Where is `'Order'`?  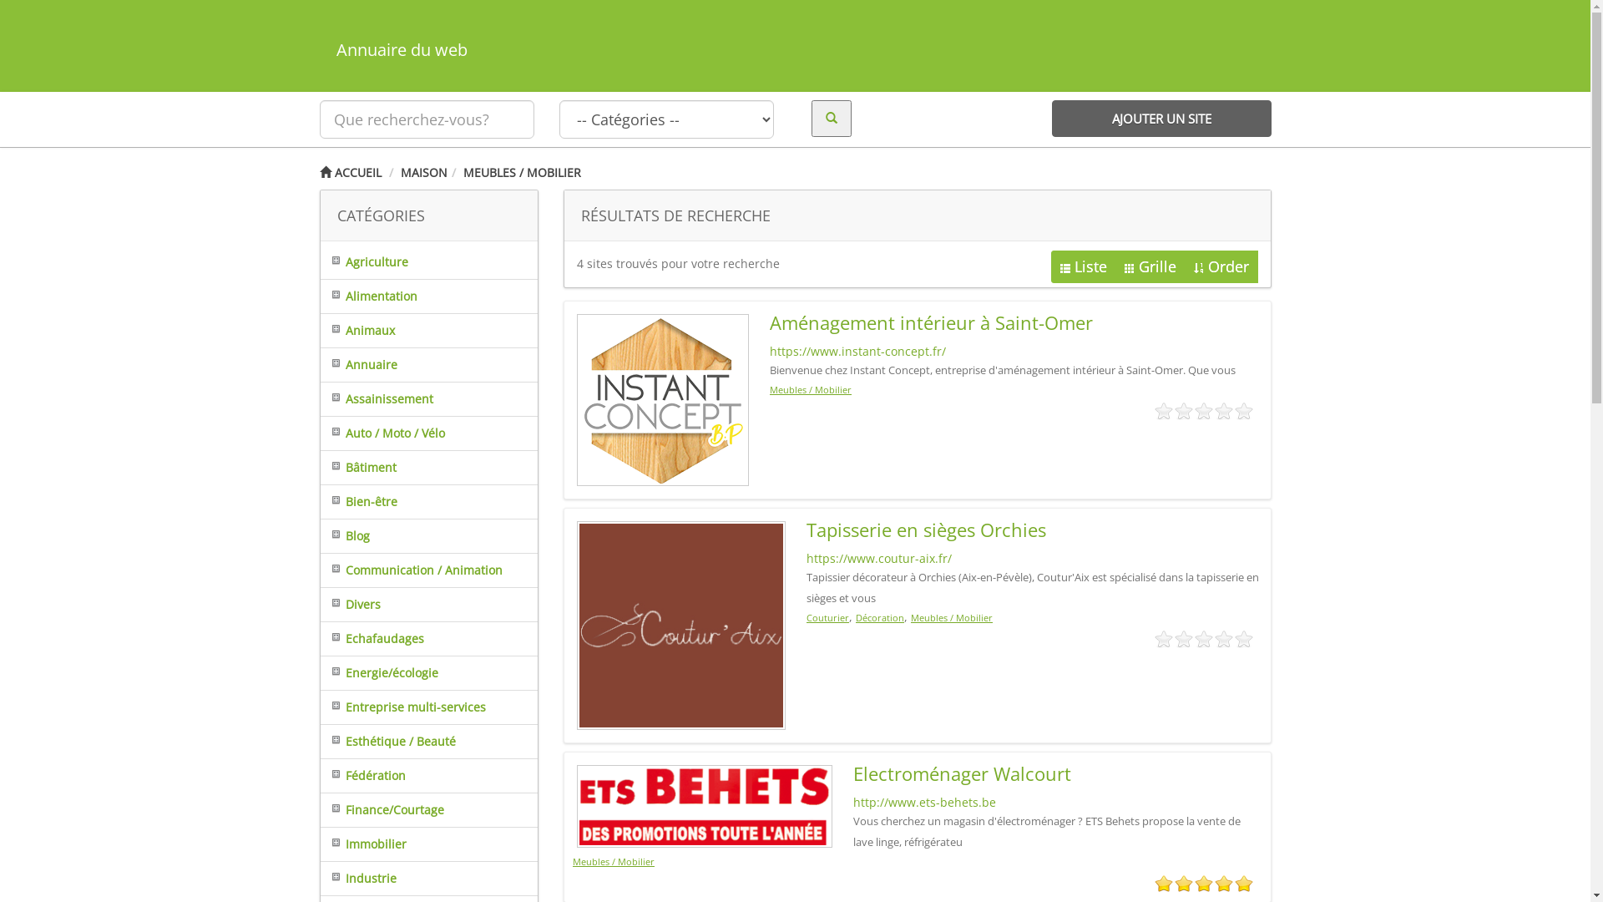
'Order' is located at coordinates (1221, 266).